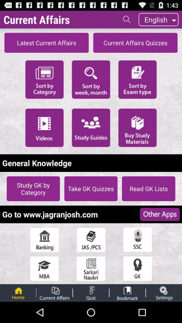 The image size is (182, 323). Describe the element at coordinates (91, 188) in the screenshot. I see `the button to the right of the study gk by button` at that location.